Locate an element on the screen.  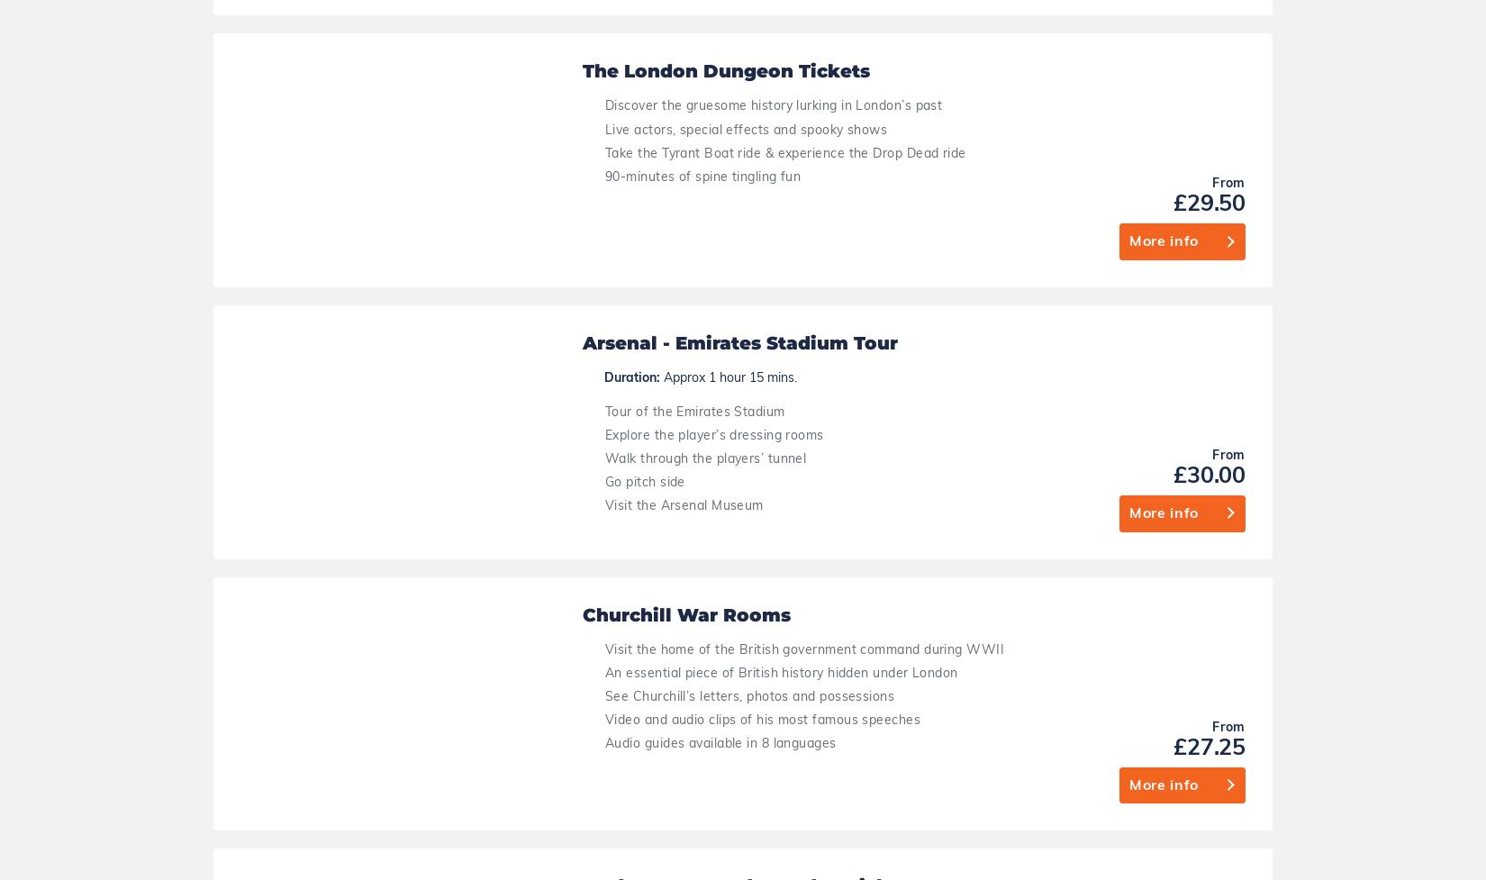
'See Churchill’s letters, photos and possessions' is located at coordinates (749, 45).